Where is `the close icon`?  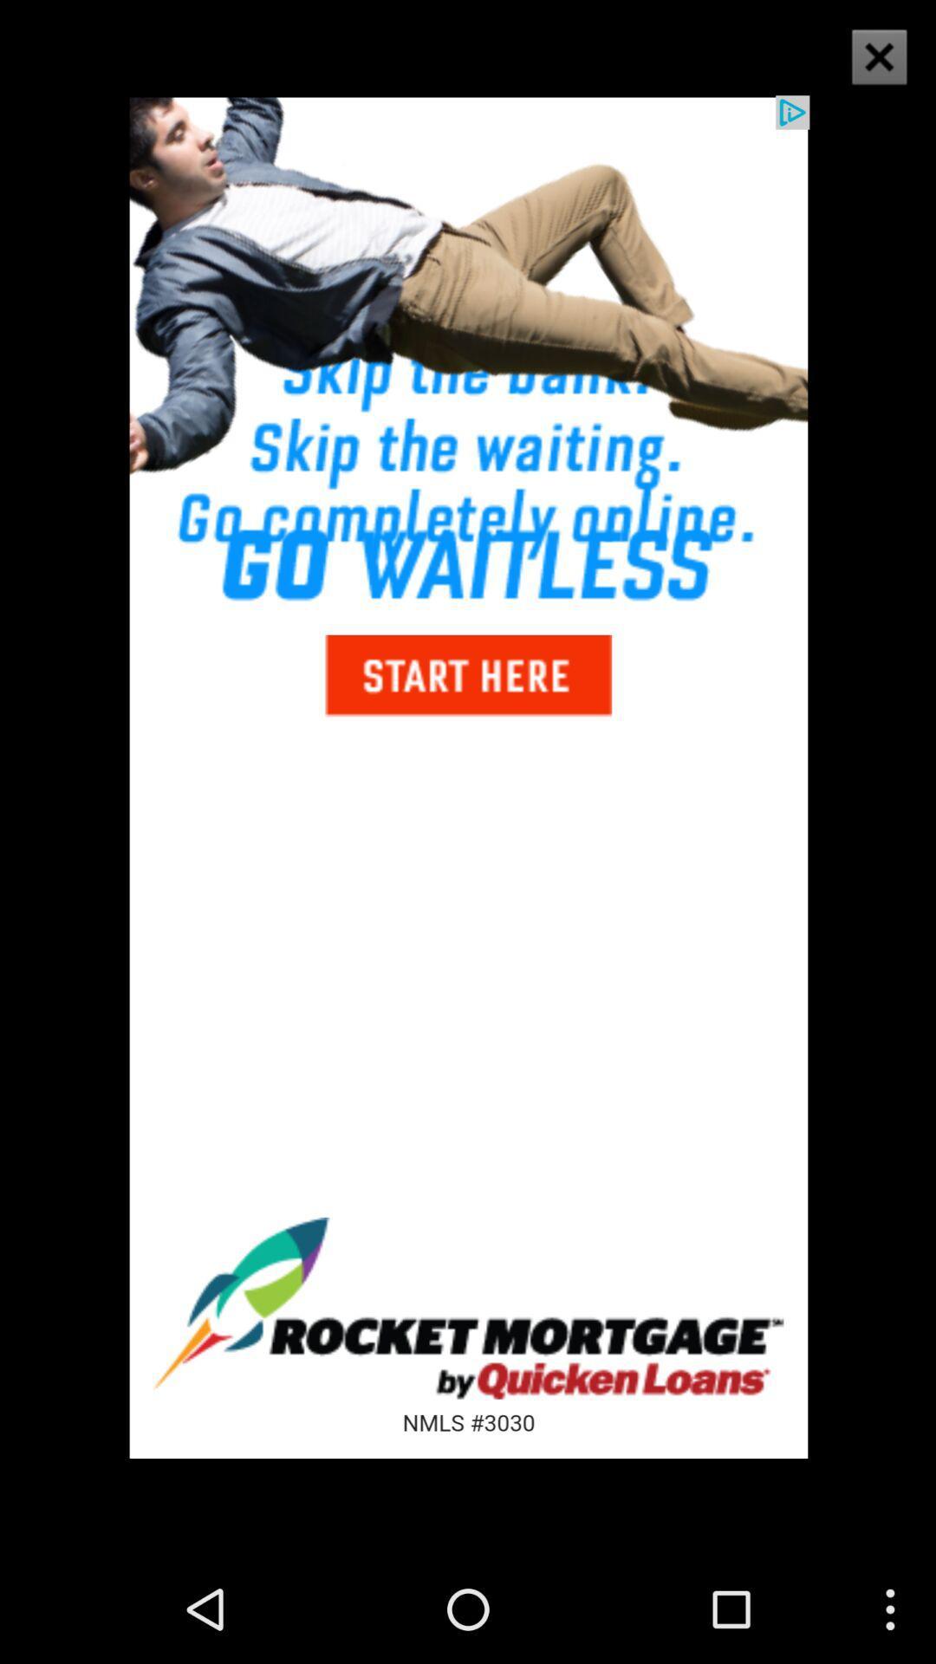
the close icon is located at coordinates (879, 61).